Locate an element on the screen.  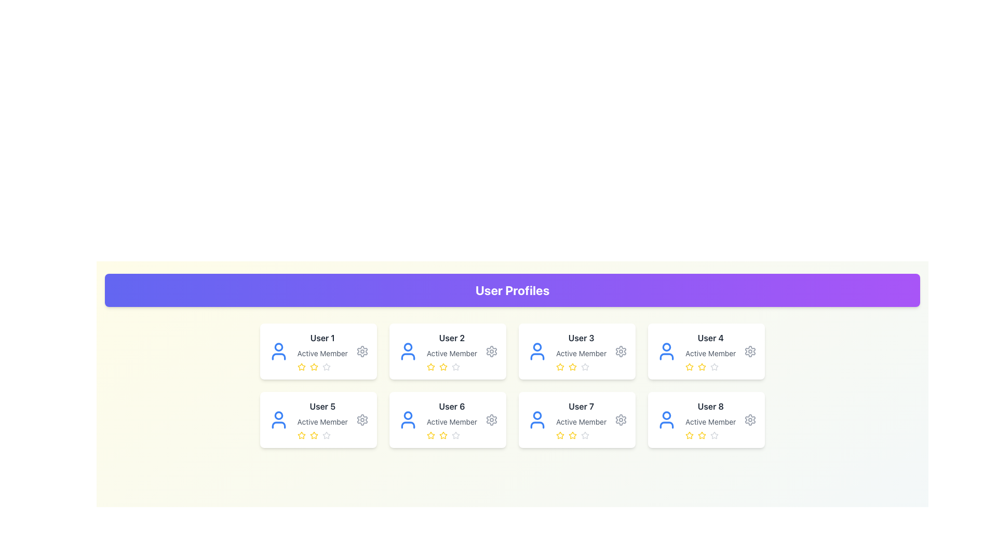
the second yellow star in the rating system associated with the 'User 2' profile card to rate it is located at coordinates (443, 366).